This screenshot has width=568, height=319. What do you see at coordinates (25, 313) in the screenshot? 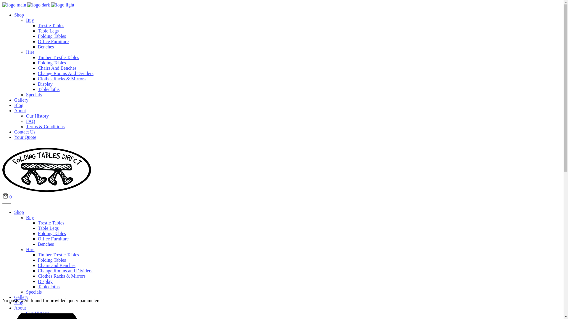
I see `'Our History'` at bounding box center [25, 313].